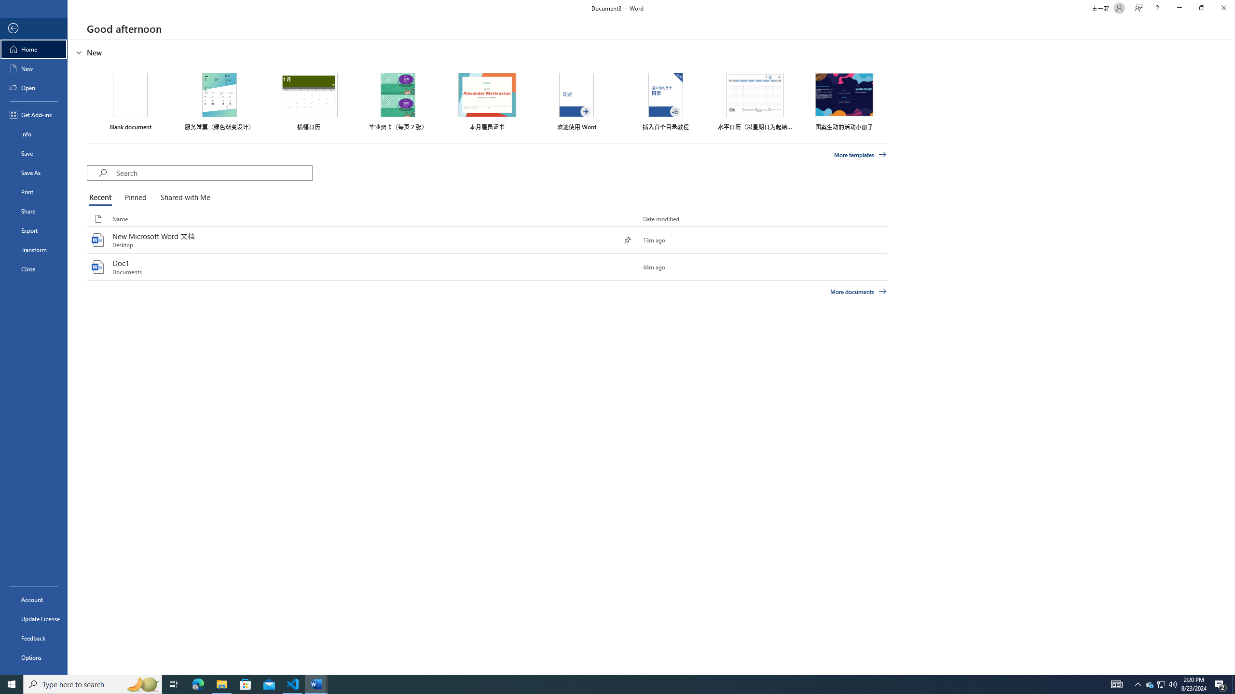 This screenshot has width=1235, height=694. Describe the element at coordinates (861, 155) in the screenshot. I see `'More templates'` at that location.